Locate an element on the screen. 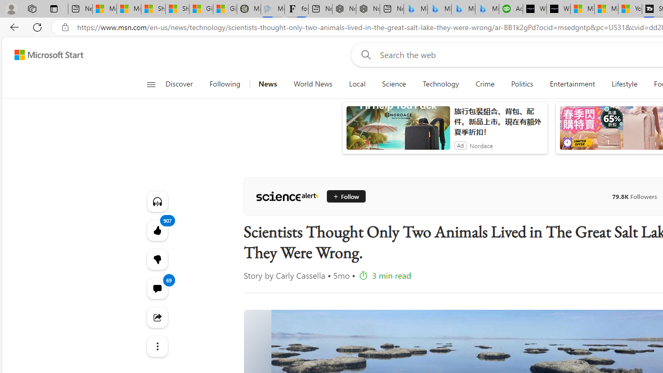 The height and width of the screenshot is (373, 663). 'Microsoft Start' is located at coordinates (48, 54).